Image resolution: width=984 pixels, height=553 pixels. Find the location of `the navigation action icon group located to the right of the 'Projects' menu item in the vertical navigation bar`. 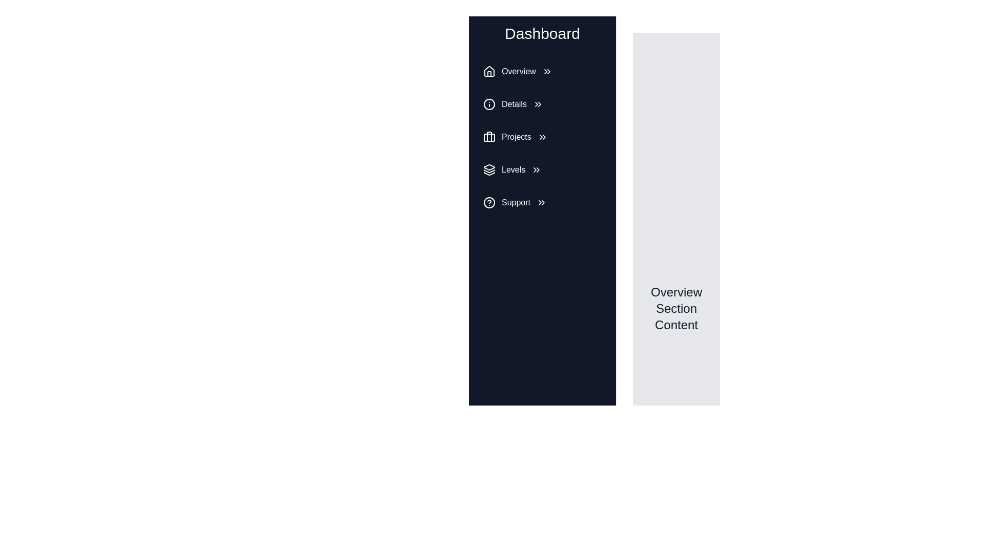

the navigation action icon group located to the right of the 'Projects' menu item in the vertical navigation bar is located at coordinates (542, 136).